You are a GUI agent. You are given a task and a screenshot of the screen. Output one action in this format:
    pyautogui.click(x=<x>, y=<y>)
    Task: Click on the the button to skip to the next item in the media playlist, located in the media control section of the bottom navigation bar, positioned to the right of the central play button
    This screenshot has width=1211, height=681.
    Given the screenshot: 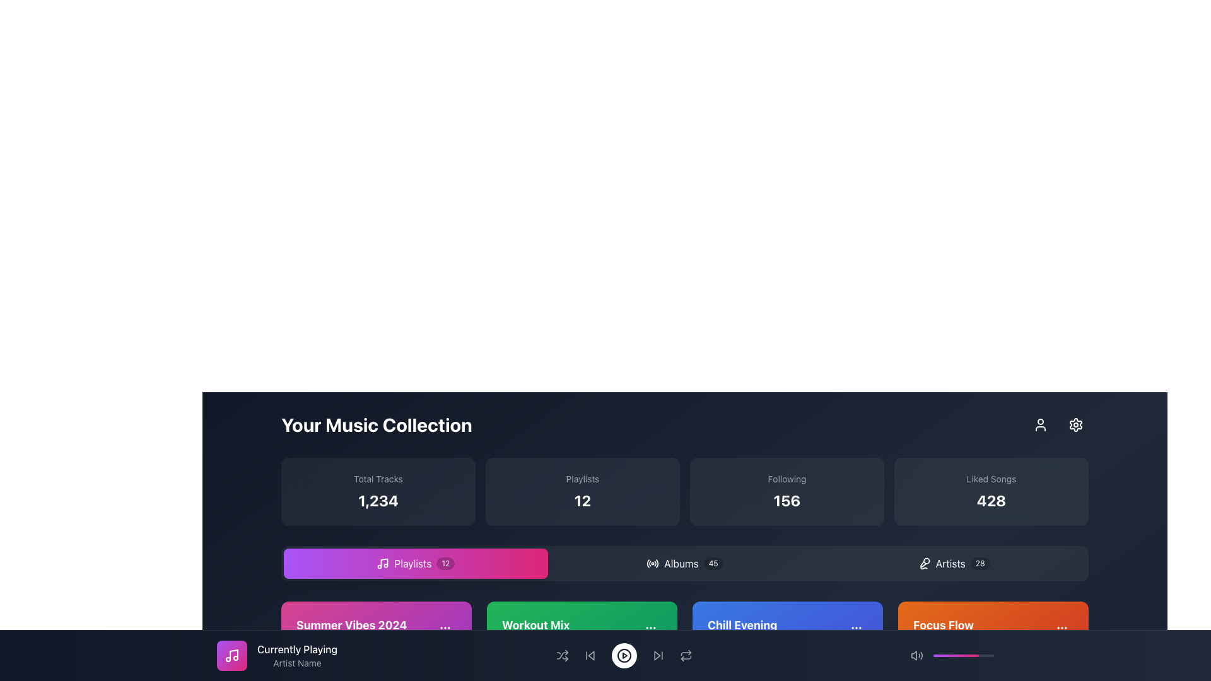 What is the action you would take?
    pyautogui.click(x=657, y=655)
    